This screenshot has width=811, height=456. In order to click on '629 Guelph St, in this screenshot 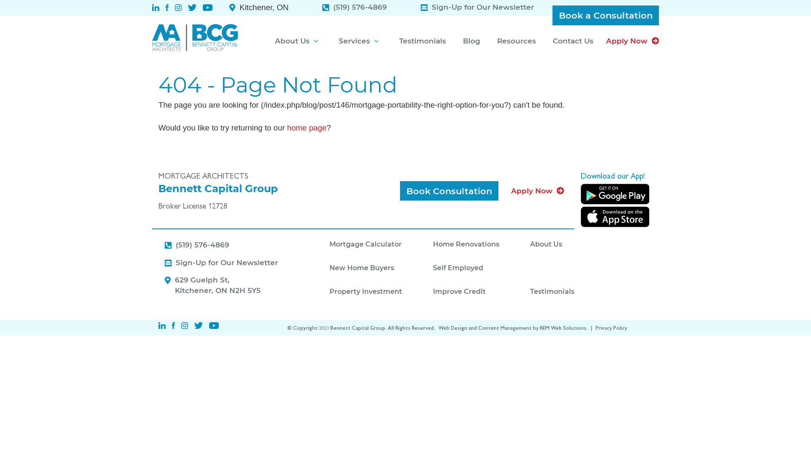, I will do `click(218, 285)`.